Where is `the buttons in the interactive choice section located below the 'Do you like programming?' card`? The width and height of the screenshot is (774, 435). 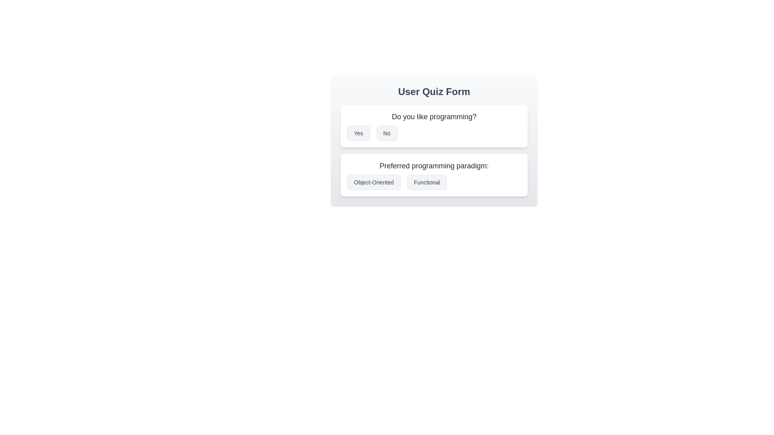
the buttons in the interactive choice section located below the 'Do you like programming?' card is located at coordinates (433, 175).